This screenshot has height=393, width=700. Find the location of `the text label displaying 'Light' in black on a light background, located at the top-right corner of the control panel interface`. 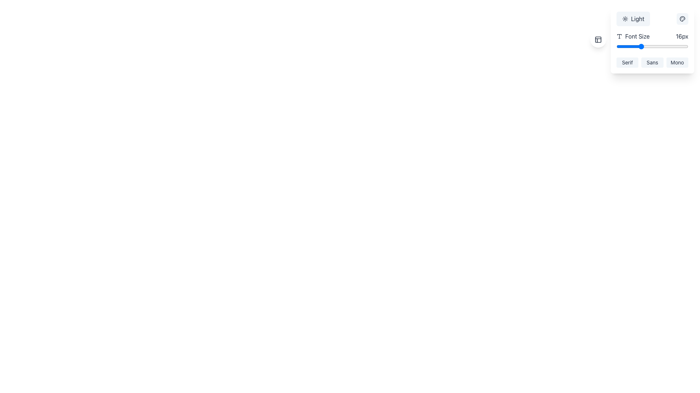

the text label displaying 'Light' in black on a light background, located at the top-right corner of the control panel interface is located at coordinates (637, 18).